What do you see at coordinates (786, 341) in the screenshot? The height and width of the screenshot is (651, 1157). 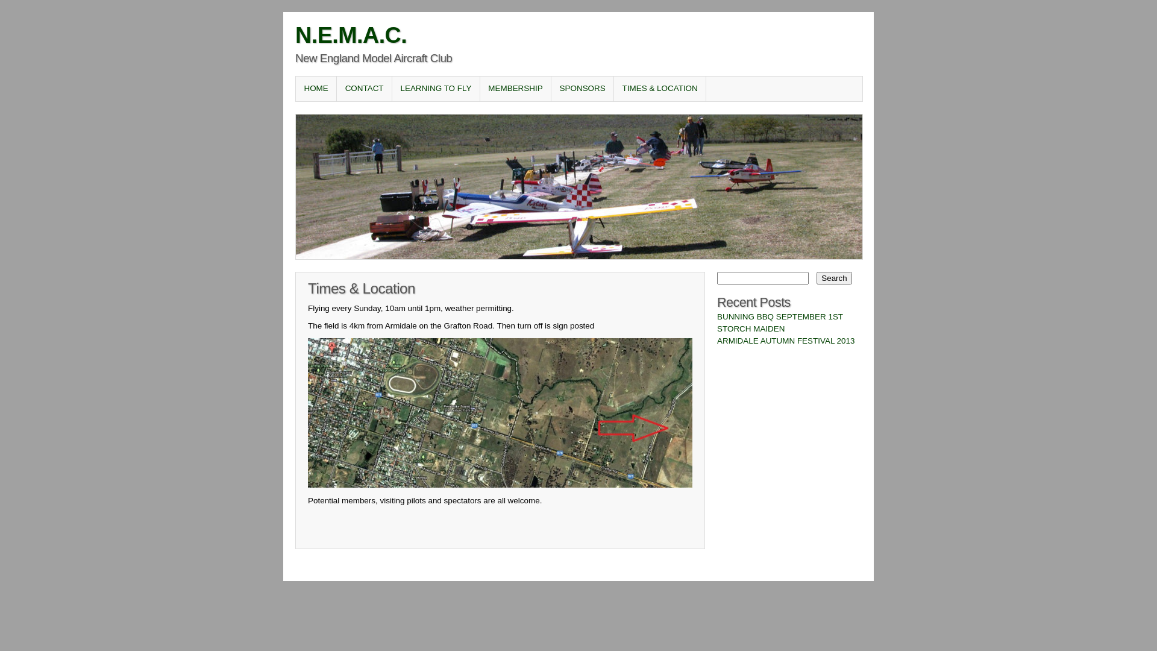 I see `'ARMIDALE AUTUMN FESTIVAL 2013'` at bounding box center [786, 341].